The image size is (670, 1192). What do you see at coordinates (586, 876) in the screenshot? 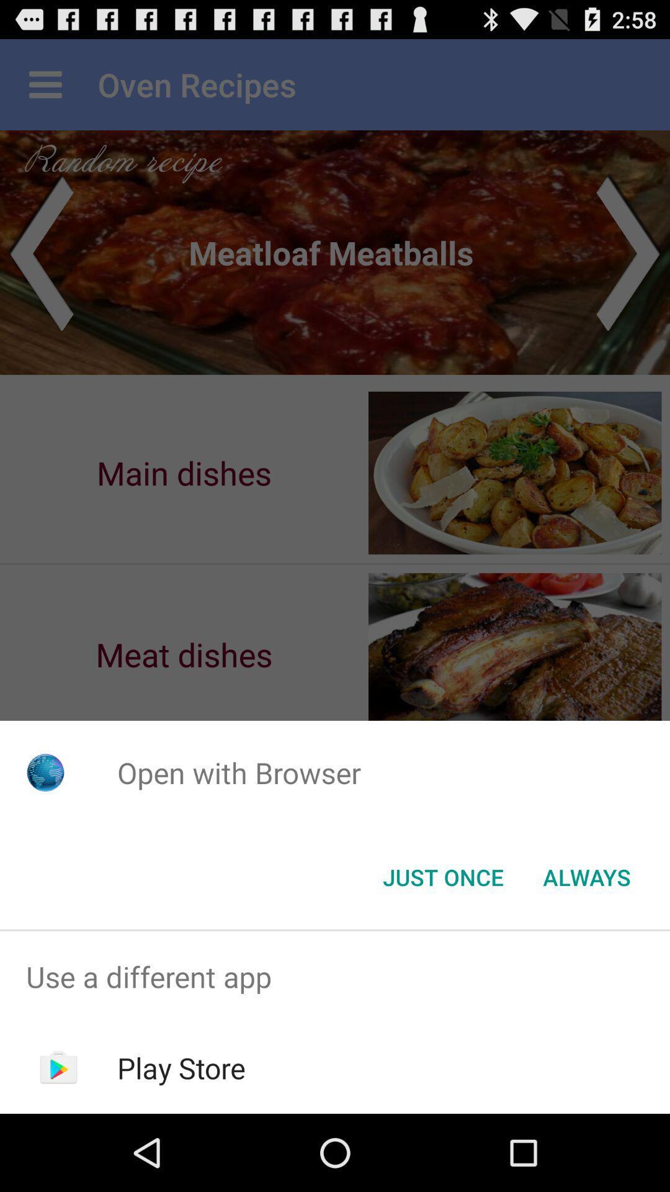
I see `always` at bounding box center [586, 876].